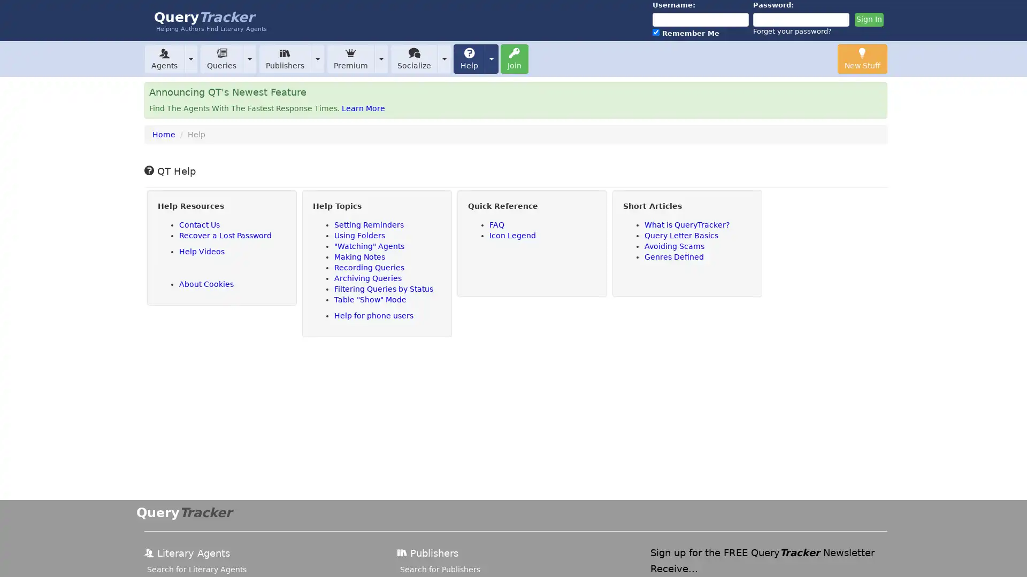 The width and height of the screenshot is (1027, 577). I want to click on Toggle Dropdown, so click(190, 58).